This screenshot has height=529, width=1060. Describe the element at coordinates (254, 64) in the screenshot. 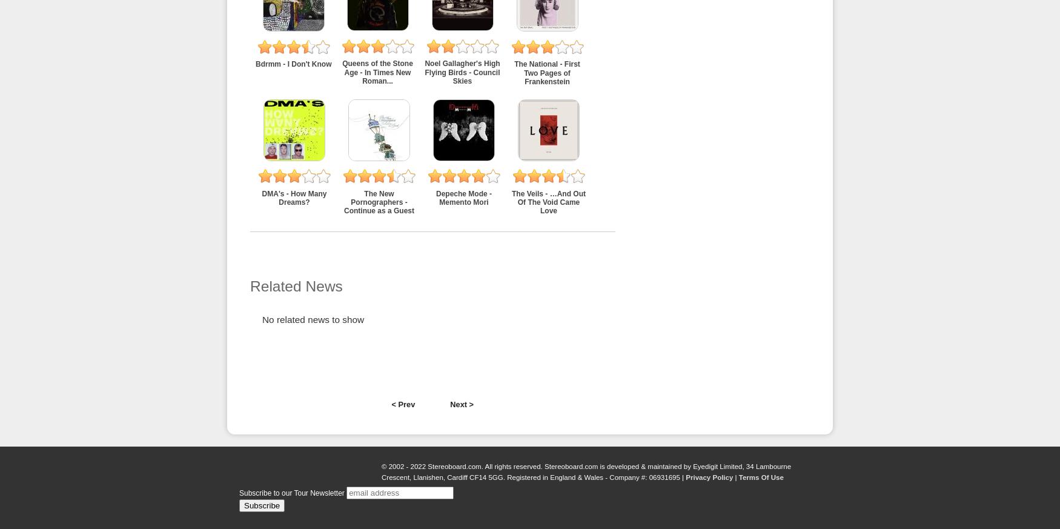

I see `'Bdrmm - I Don't Know'` at that location.